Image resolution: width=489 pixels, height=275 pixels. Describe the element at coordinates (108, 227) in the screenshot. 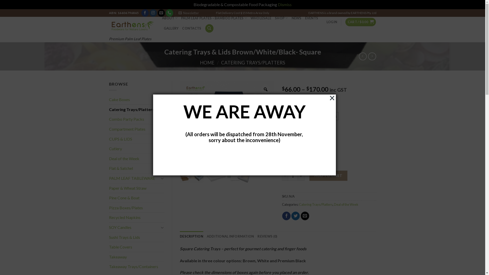

I see `'SOY Candles'` at that location.